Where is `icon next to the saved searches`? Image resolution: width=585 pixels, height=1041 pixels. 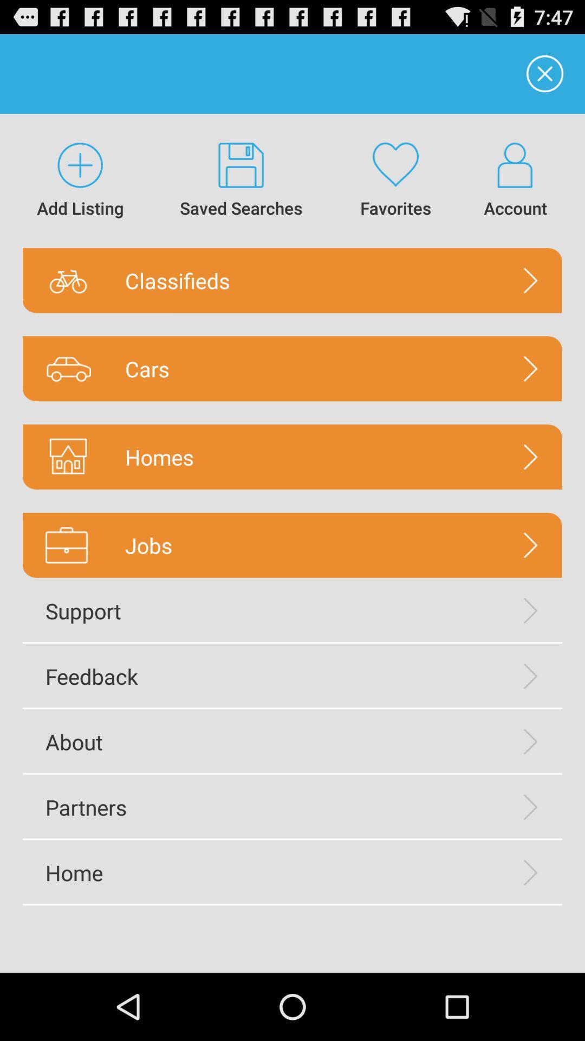 icon next to the saved searches is located at coordinates (80, 181).